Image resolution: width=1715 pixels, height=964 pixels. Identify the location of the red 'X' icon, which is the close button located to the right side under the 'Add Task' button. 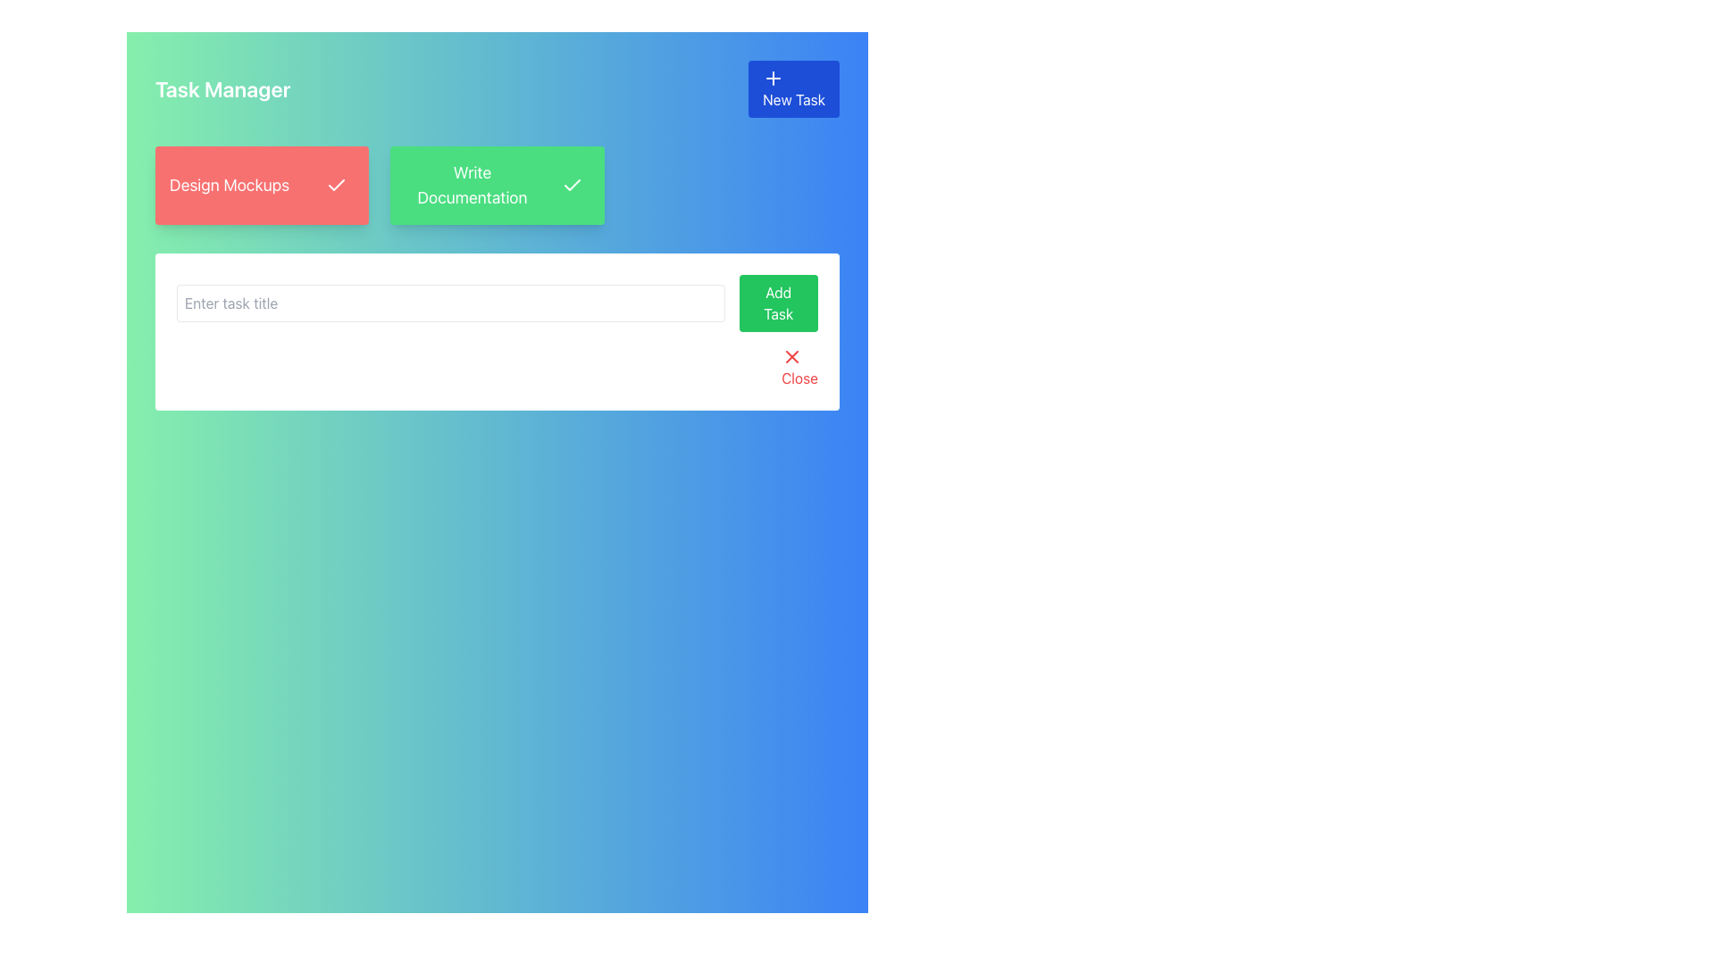
(791, 357).